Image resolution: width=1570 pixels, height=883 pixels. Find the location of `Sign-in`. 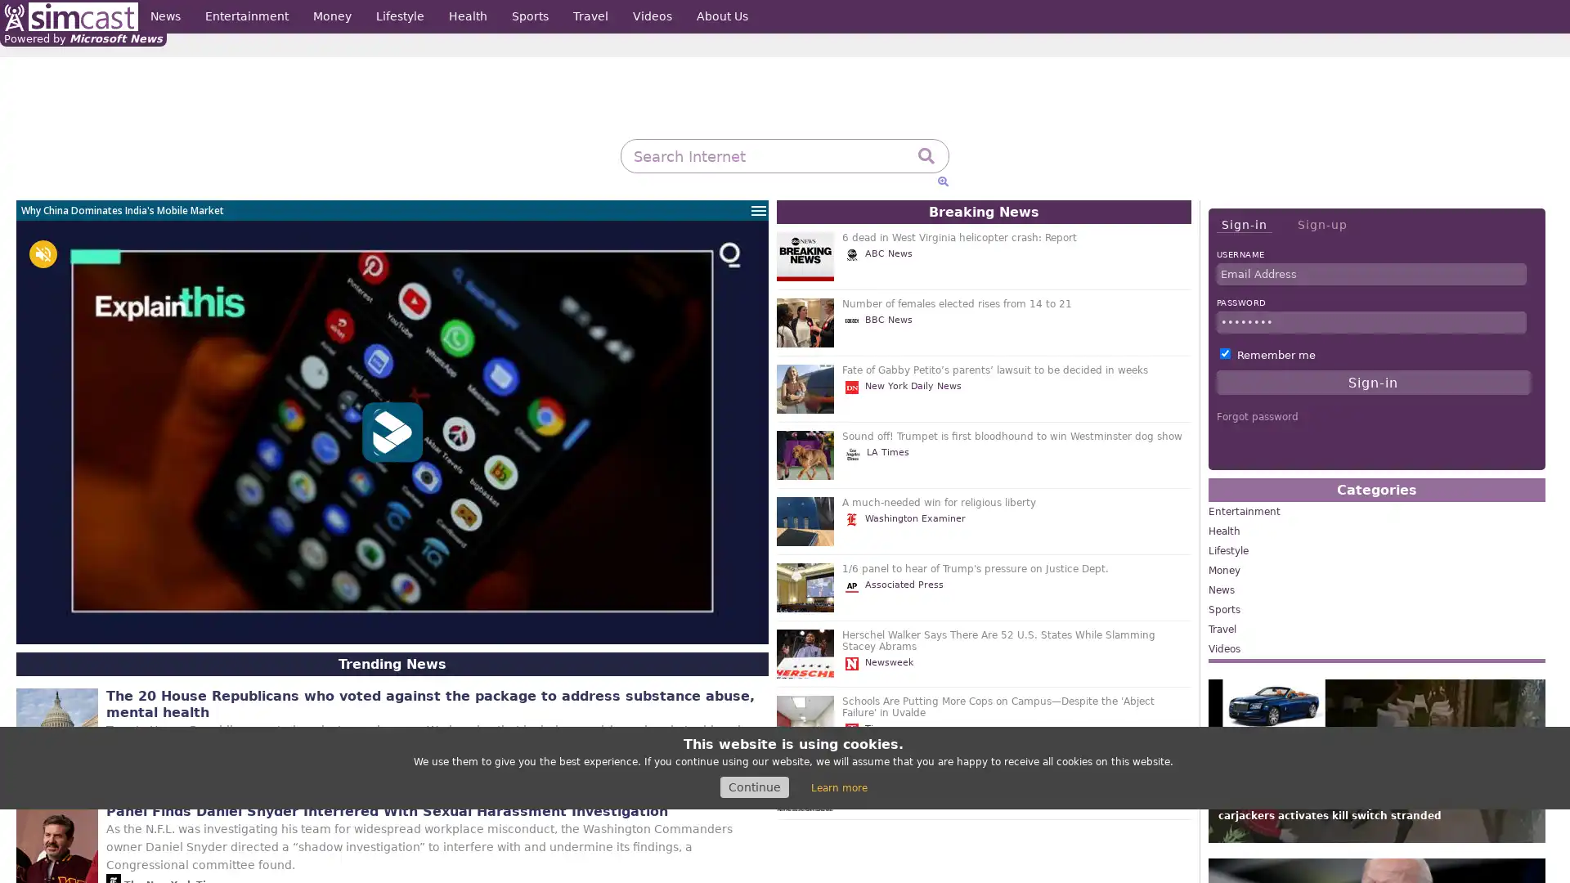

Sign-in is located at coordinates (1373, 382).